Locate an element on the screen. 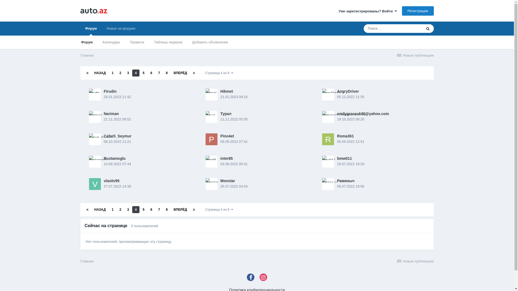  '6' is located at coordinates (151, 73).